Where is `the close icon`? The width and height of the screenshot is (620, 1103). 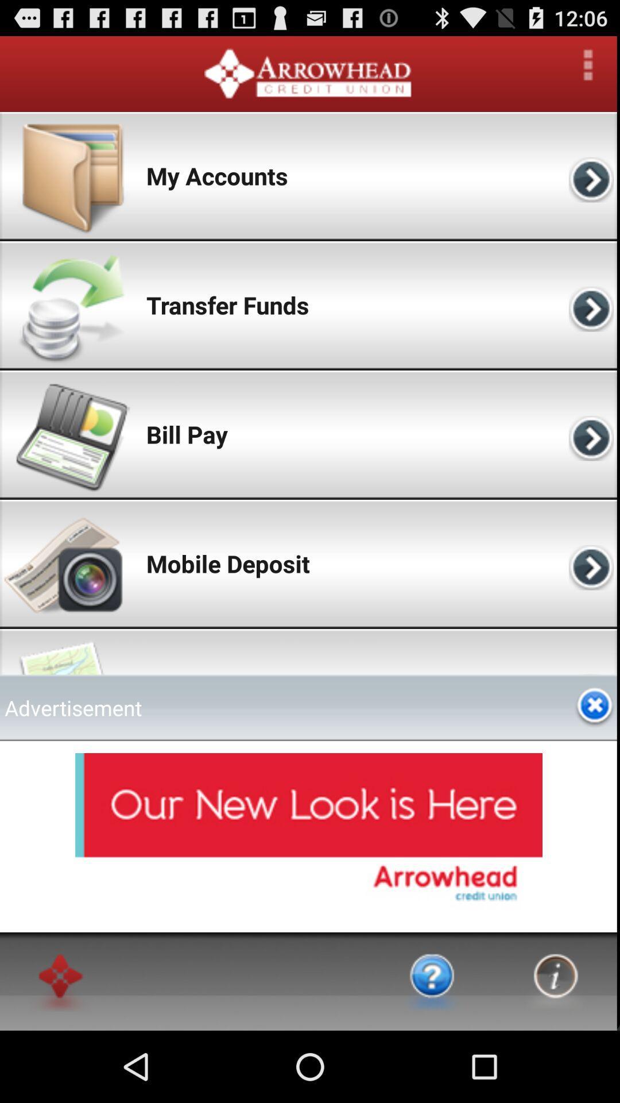
the close icon is located at coordinates (594, 757).